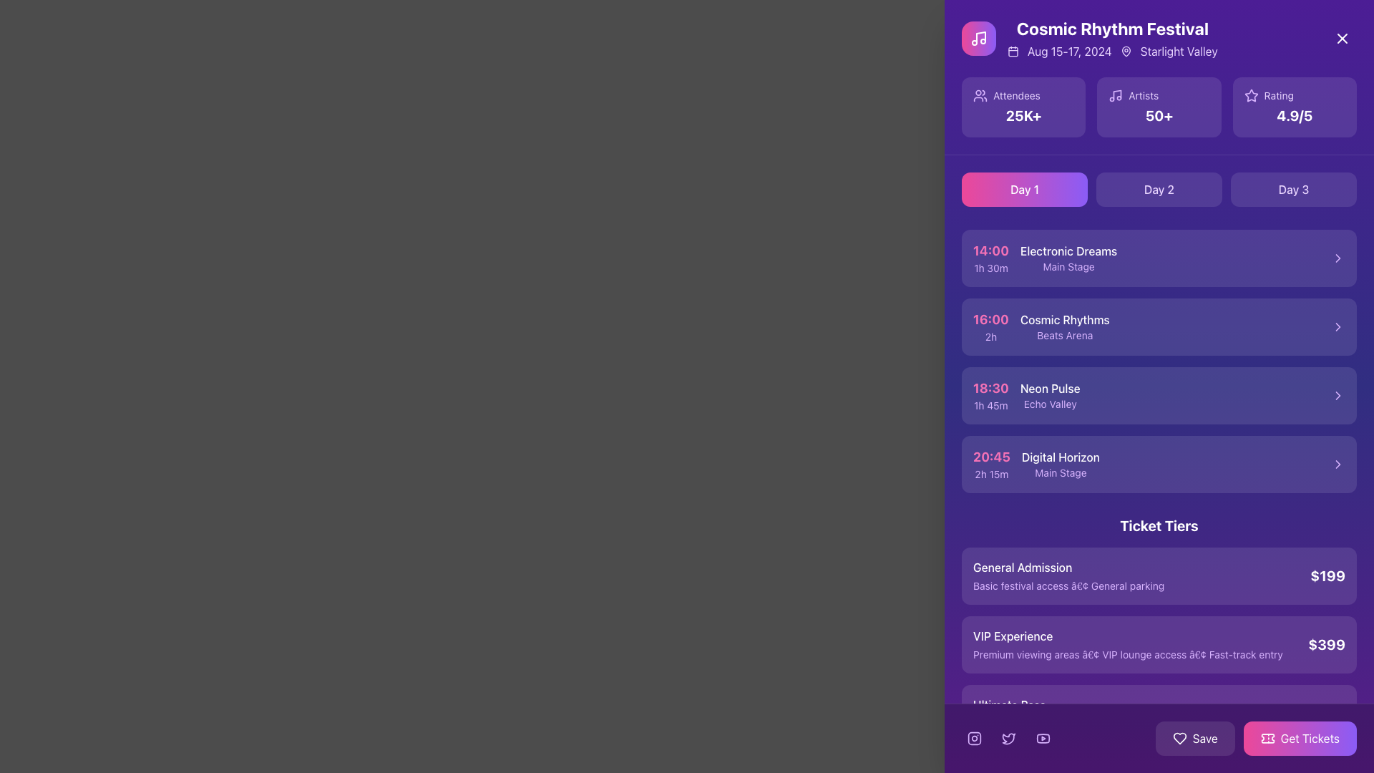  Describe the element at coordinates (990, 406) in the screenshot. I see `the text label displaying '1h 45m' in purple, located below the bold pink '18:30' time label in the '18:30 Neon Pulse Echo Valley' event listing` at that location.